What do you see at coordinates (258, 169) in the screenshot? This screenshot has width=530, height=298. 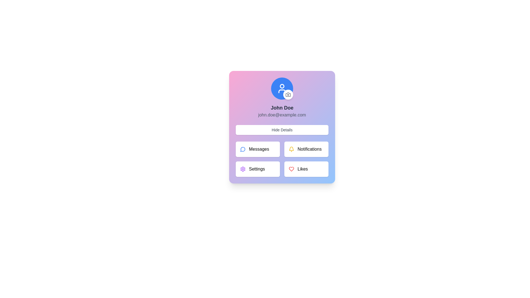 I see `the navigation button located in the third cell of the grid below the user profile card` at bounding box center [258, 169].